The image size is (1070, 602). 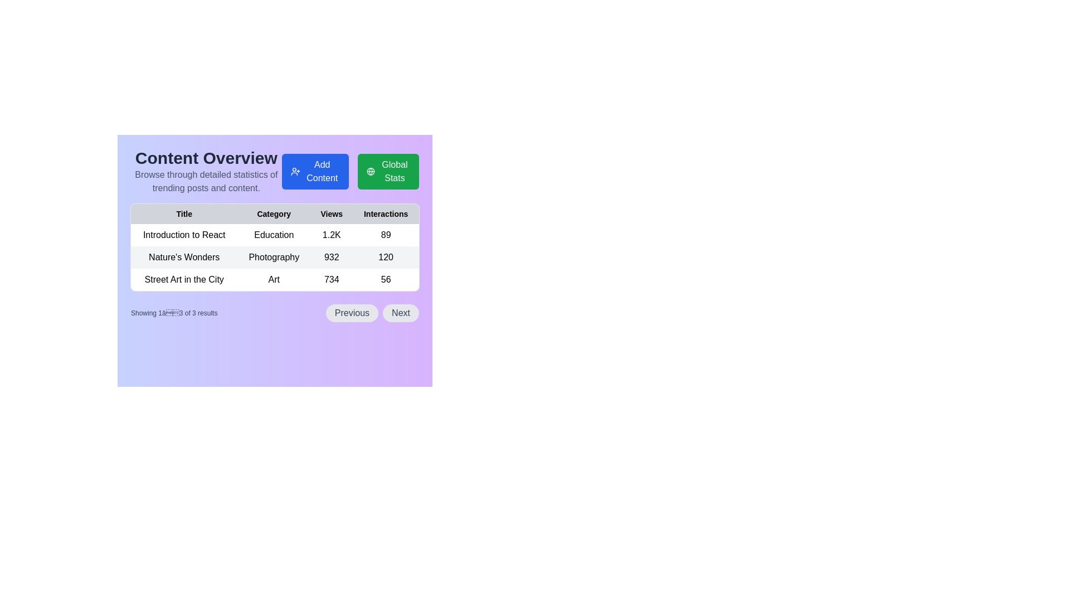 What do you see at coordinates (274, 234) in the screenshot?
I see `the 'Education' text label located in the 'Category' column of the 'Introduction to React' row` at bounding box center [274, 234].